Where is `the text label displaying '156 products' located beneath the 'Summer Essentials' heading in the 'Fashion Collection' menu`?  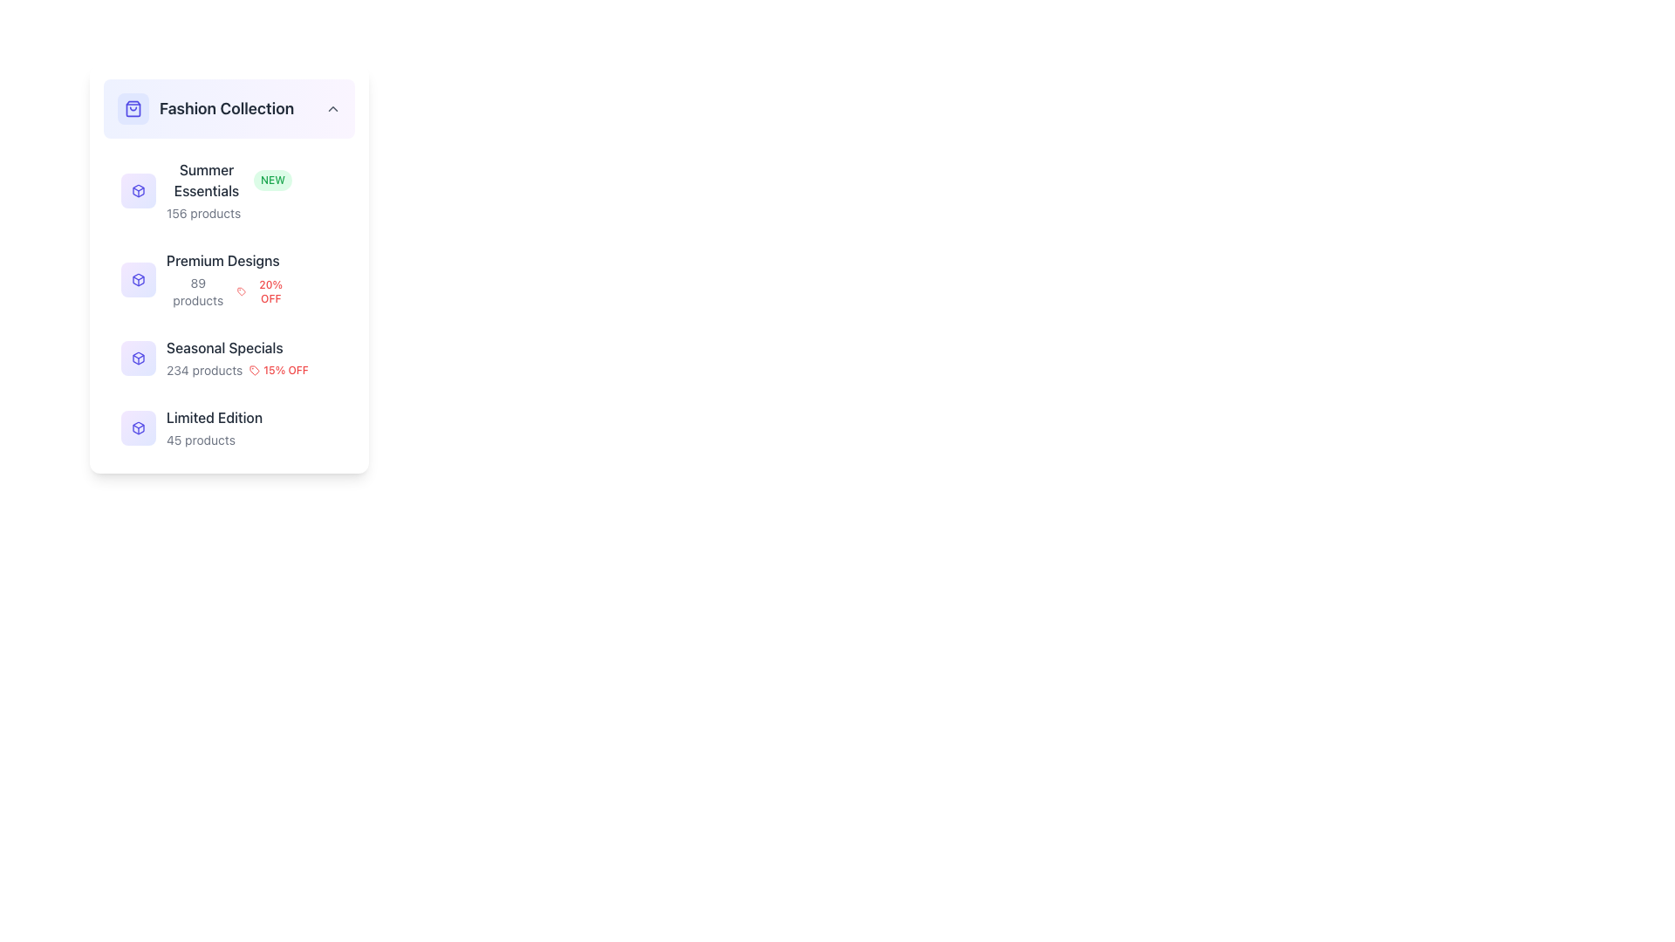
the text label displaying '156 products' located beneath the 'Summer Essentials' heading in the 'Fashion Collection' menu is located at coordinates (203, 213).